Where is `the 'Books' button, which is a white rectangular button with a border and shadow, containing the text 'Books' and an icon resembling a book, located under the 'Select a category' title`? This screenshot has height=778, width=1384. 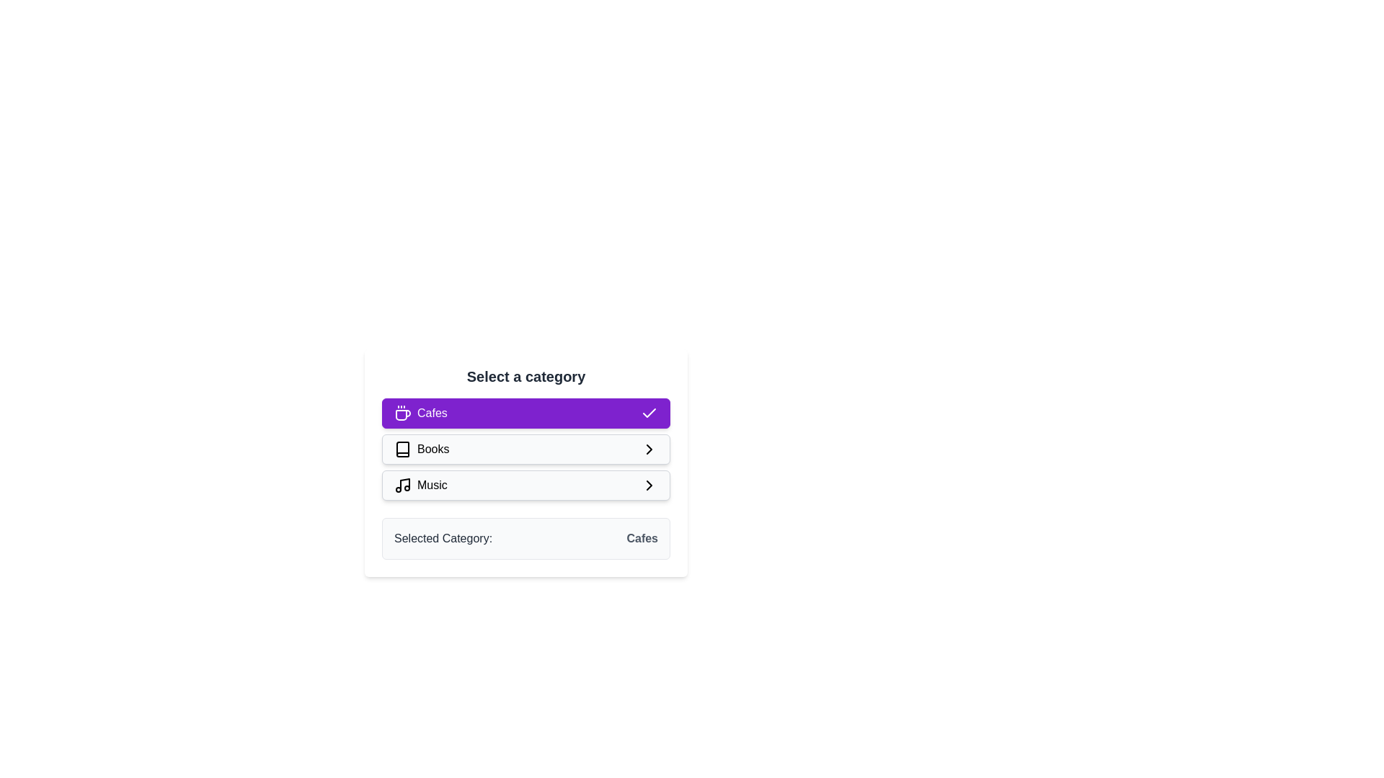
the 'Books' button, which is a white rectangular button with a border and shadow, containing the text 'Books' and an icon resembling a book, located under the 'Select a category' title is located at coordinates (525, 463).